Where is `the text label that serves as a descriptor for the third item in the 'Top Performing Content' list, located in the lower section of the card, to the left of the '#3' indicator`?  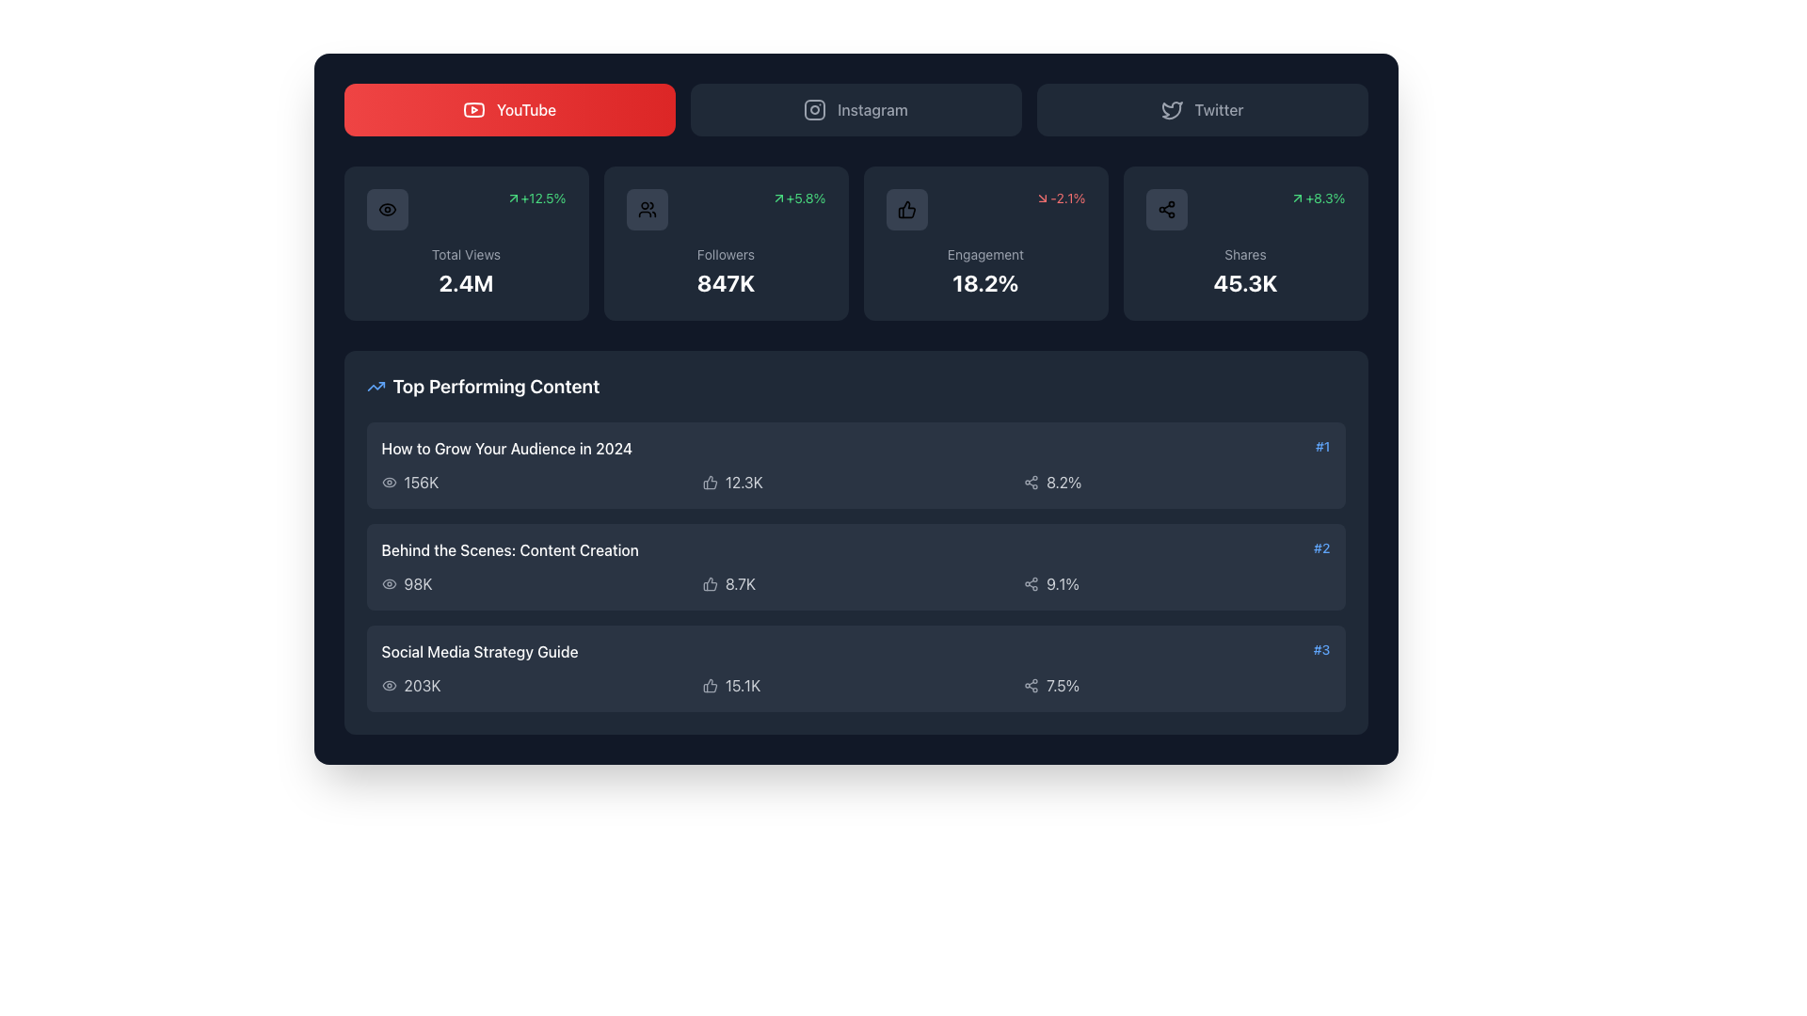 the text label that serves as a descriptor for the third item in the 'Top Performing Content' list, located in the lower section of the card, to the left of the '#3' indicator is located at coordinates (479, 651).